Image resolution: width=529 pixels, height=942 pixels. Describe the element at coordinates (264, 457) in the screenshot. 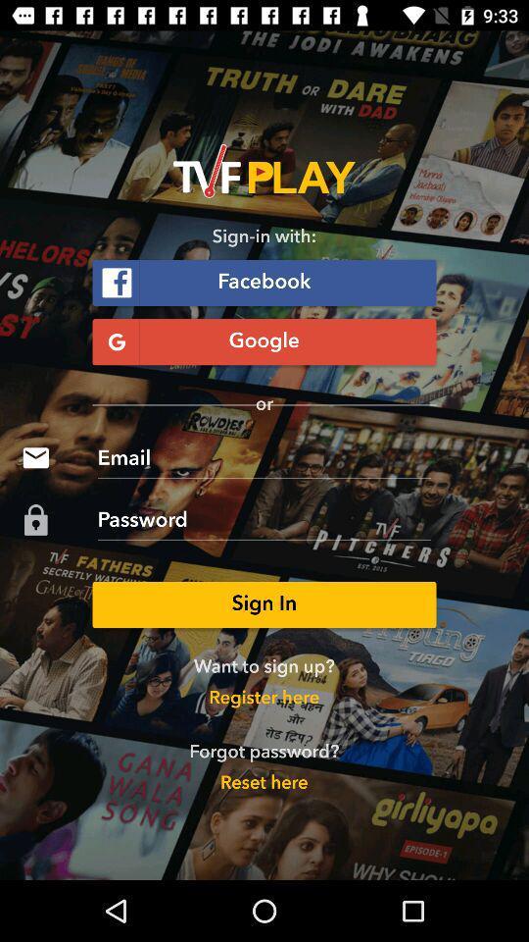

I see `icon below  or  icon` at that location.